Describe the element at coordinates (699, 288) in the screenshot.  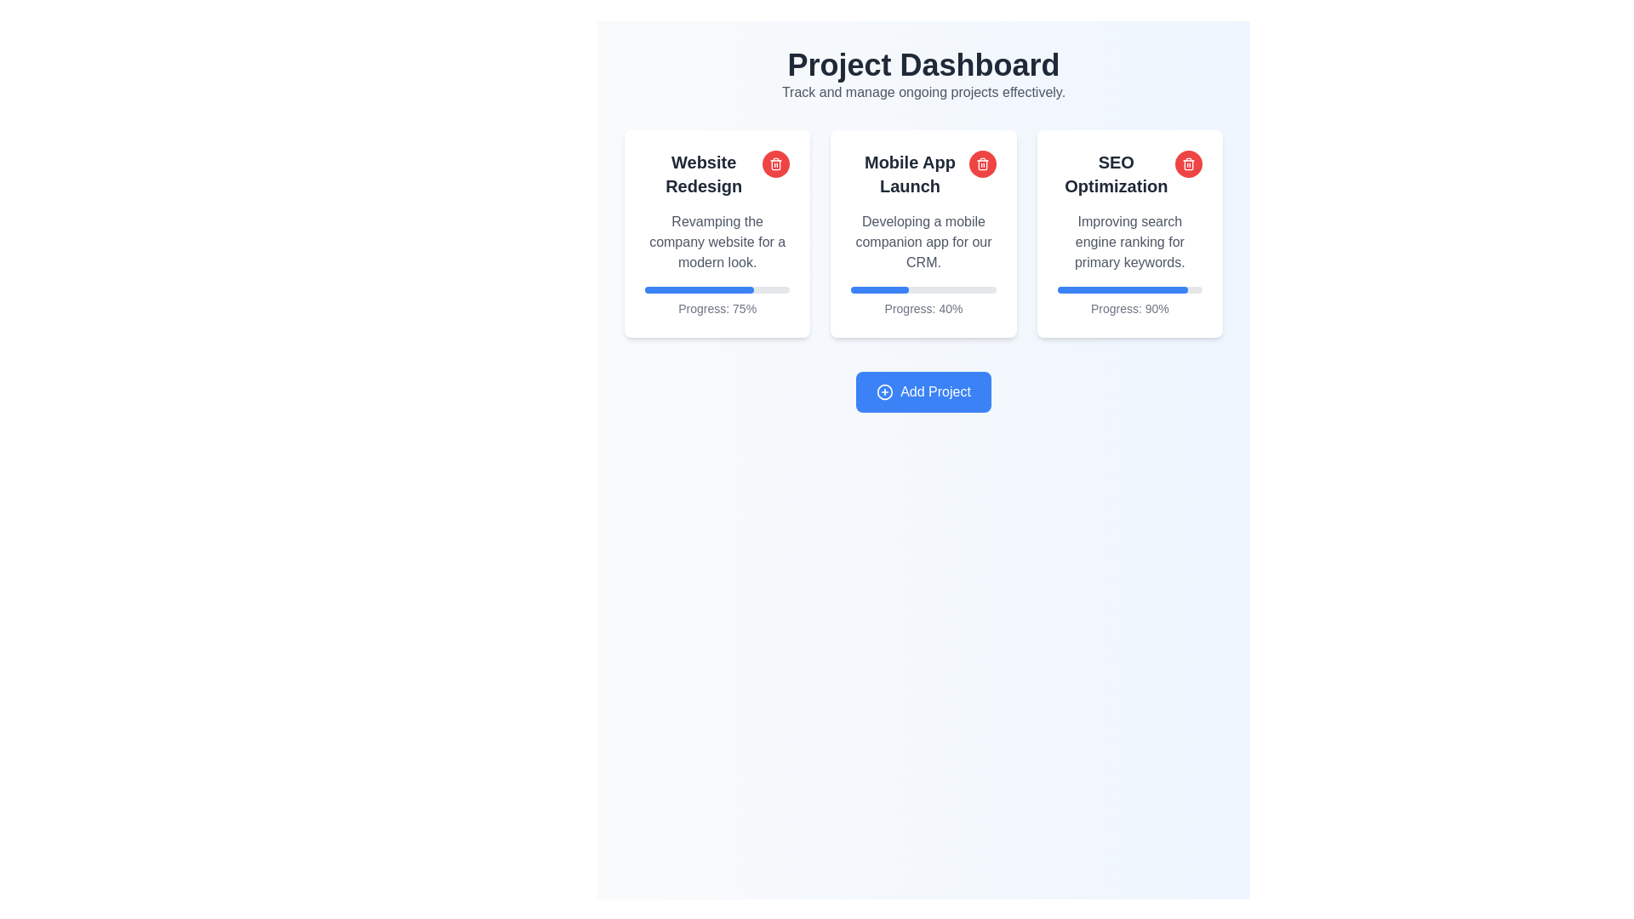
I see `the progress indicator bar representing 75% completion located beneath the 'Website Redesign' card, which is the first card in the top row` at that location.